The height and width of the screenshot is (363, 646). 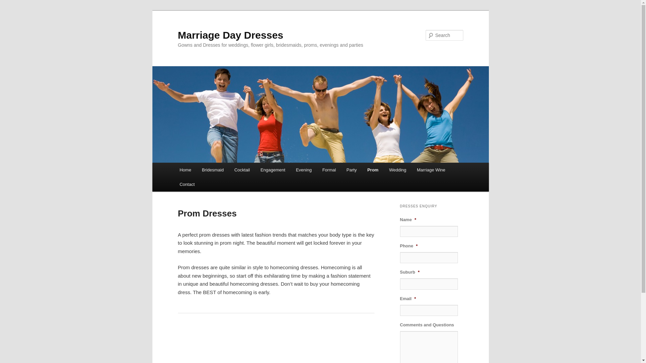 What do you see at coordinates (255, 169) in the screenshot?
I see `'Engagement'` at bounding box center [255, 169].